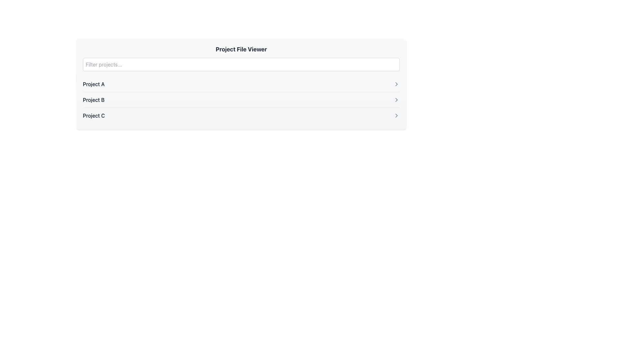  I want to click on to select the list item representing 'Project B', which is the second entry in the vertically arranged list, so click(241, 100).